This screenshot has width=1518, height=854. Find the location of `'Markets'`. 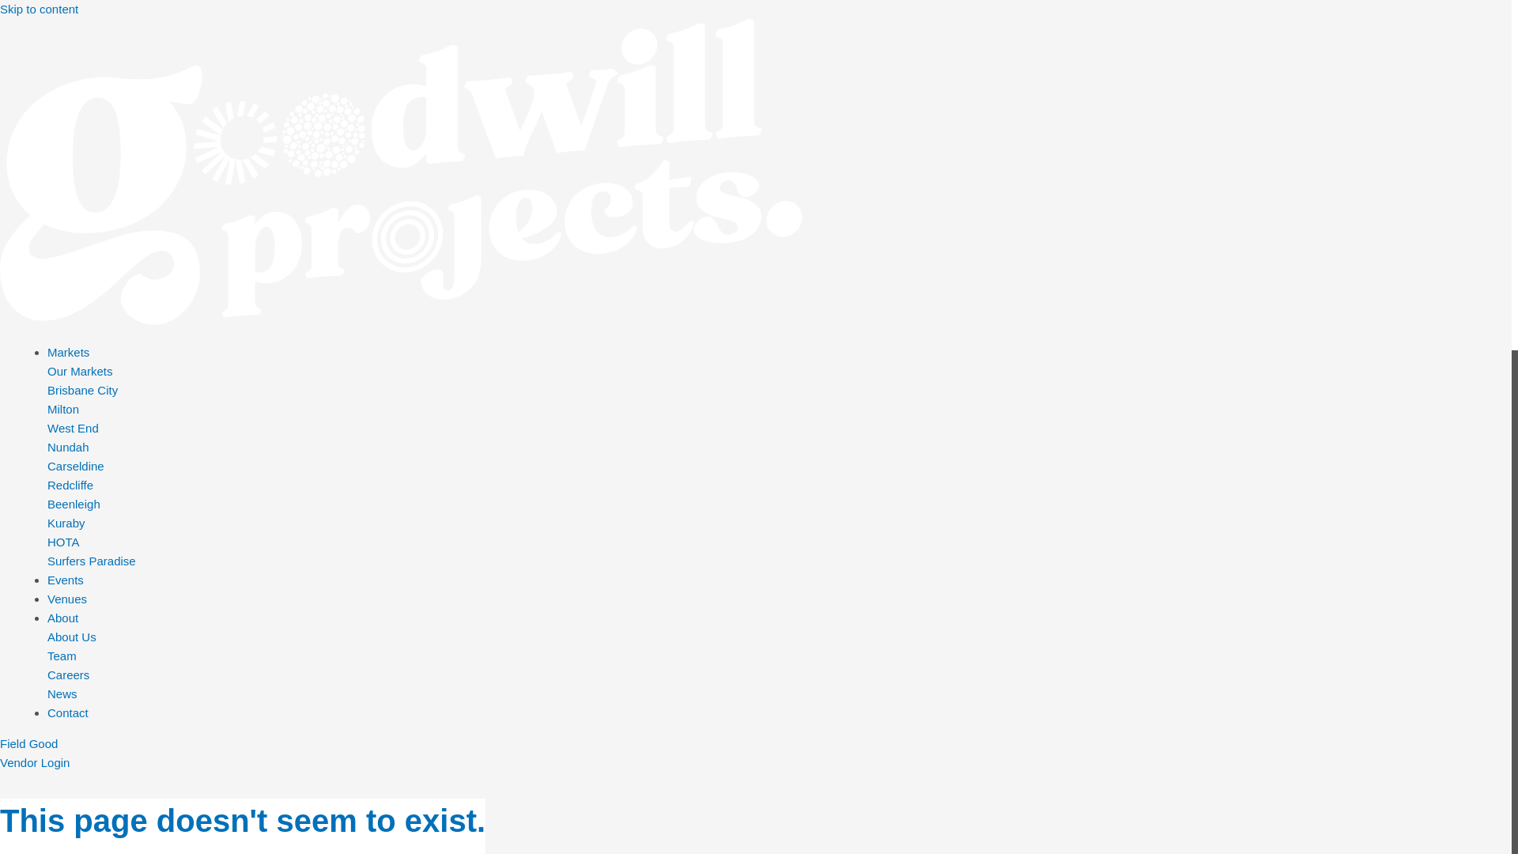

'Markets' is located at coordinates (47, 352).